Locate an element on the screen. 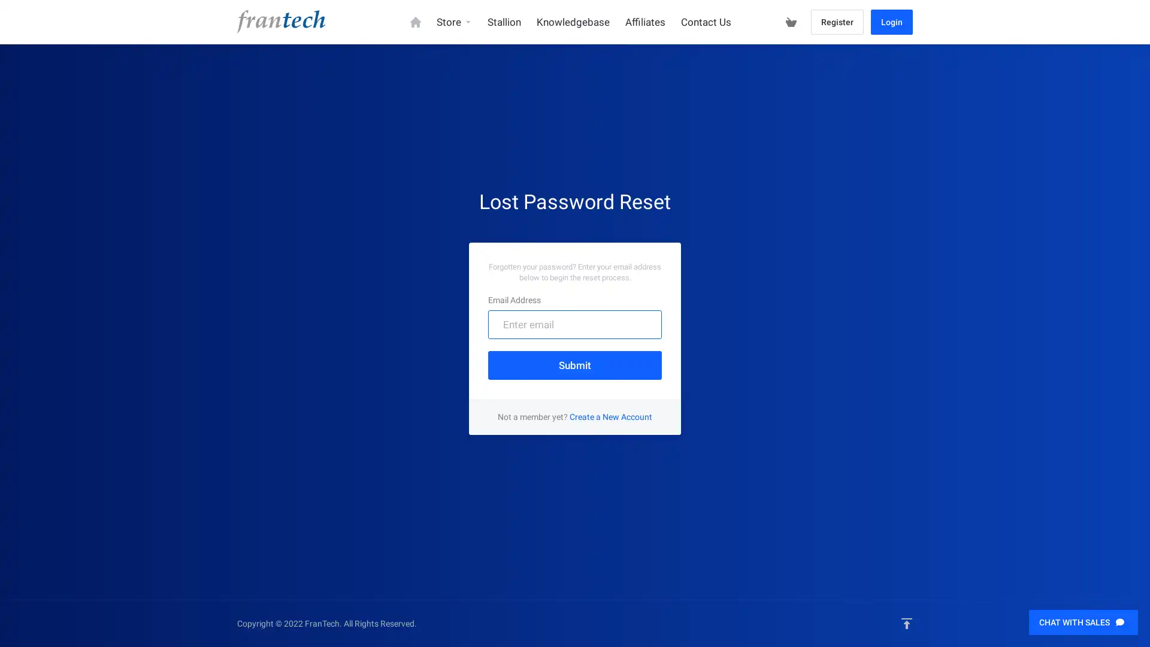 This screenshot has width=1150, height=647. Submit is located at coordinates (575, 364).